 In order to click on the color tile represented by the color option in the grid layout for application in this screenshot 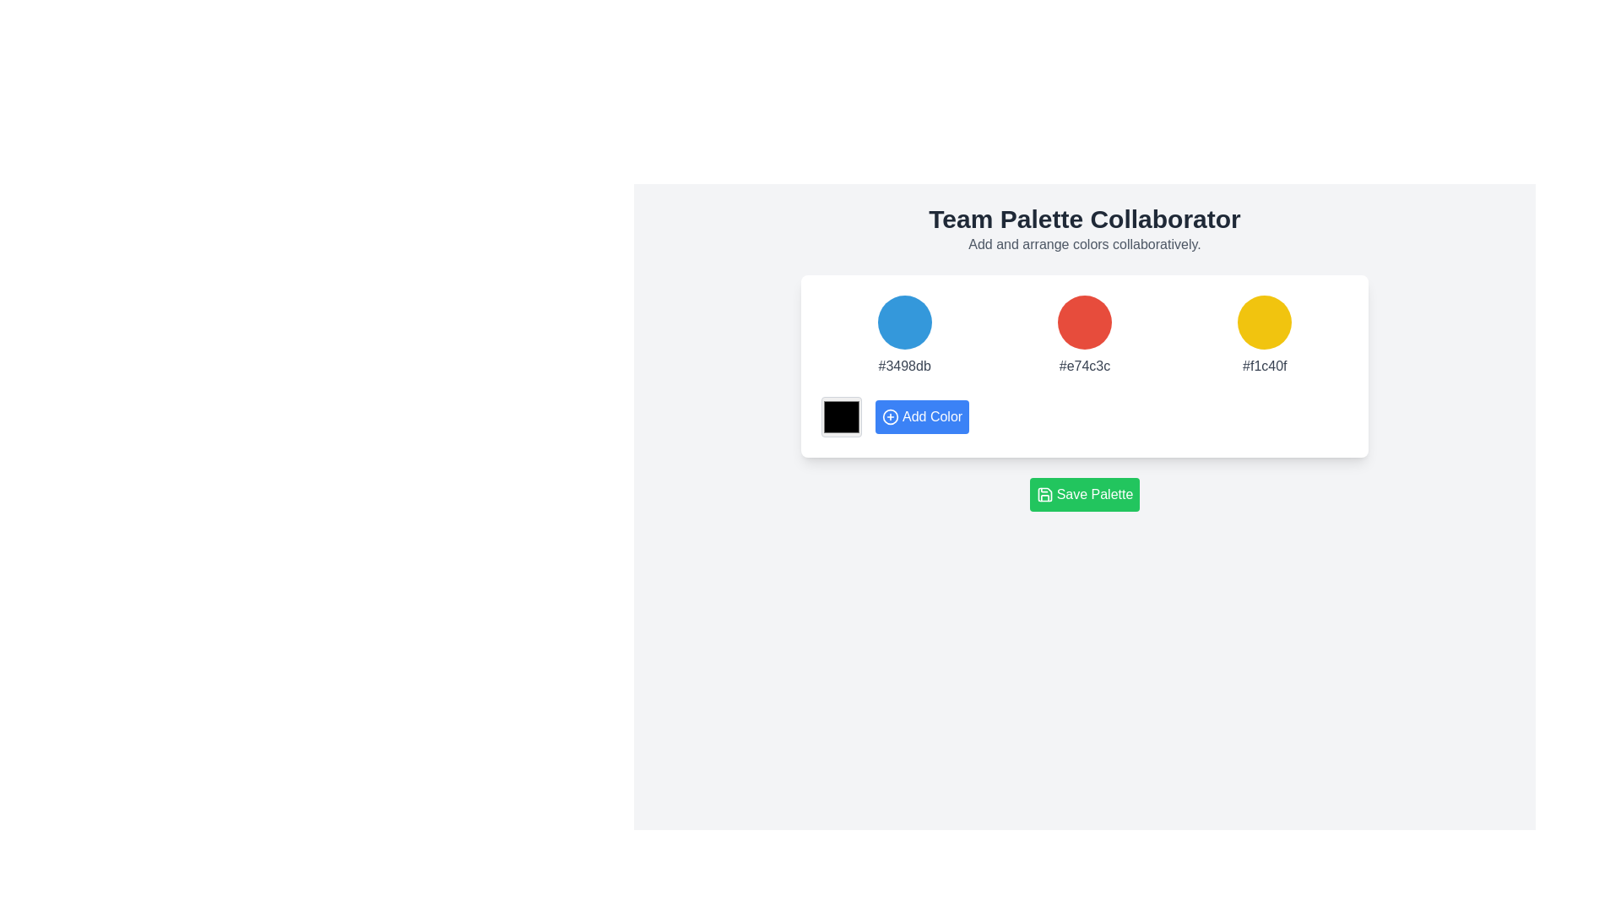, I will do `click(1083, 335)`.